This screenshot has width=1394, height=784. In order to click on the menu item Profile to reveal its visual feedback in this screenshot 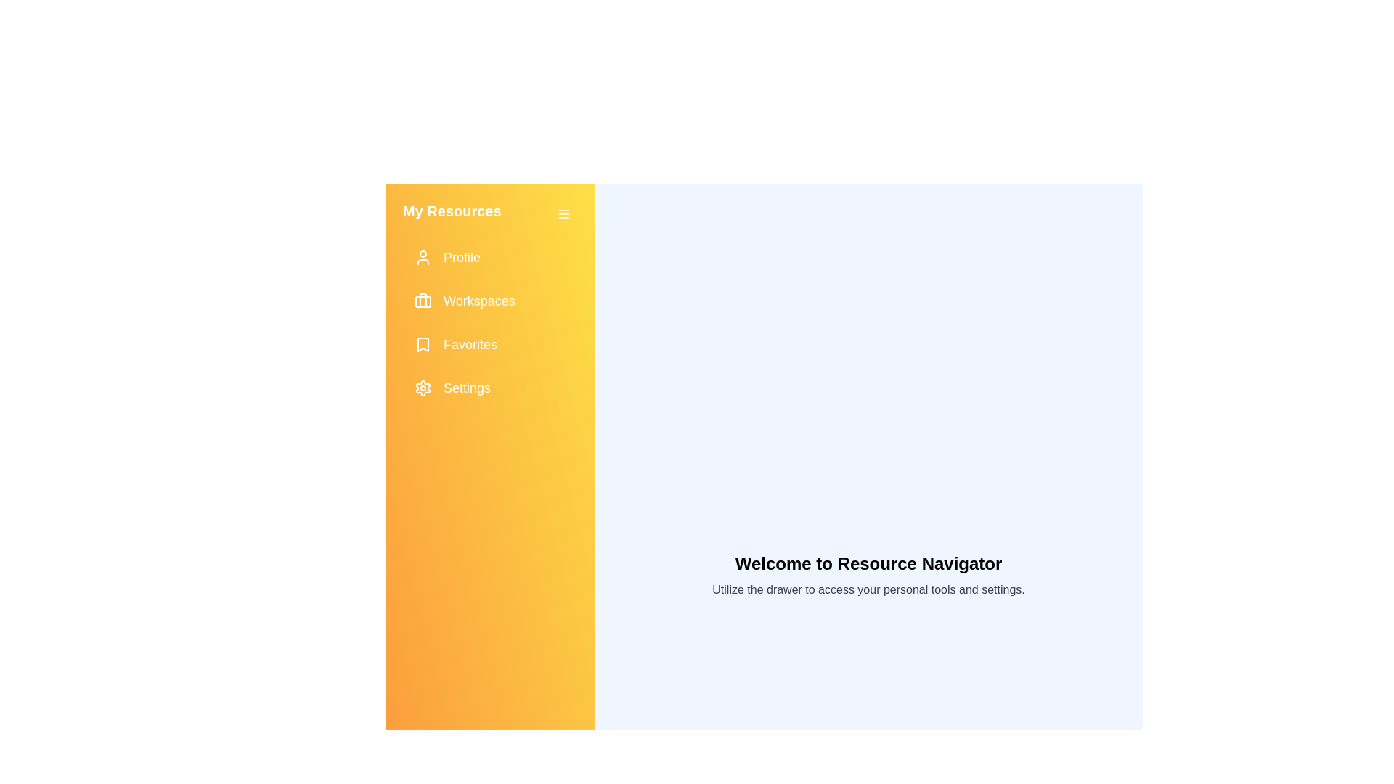, I will do `click(490, 256)`.